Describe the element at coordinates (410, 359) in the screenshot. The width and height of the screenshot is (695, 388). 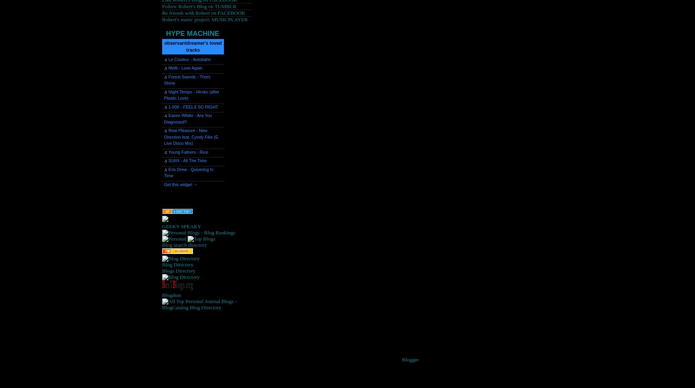
I see `'Blogger'` at that location.